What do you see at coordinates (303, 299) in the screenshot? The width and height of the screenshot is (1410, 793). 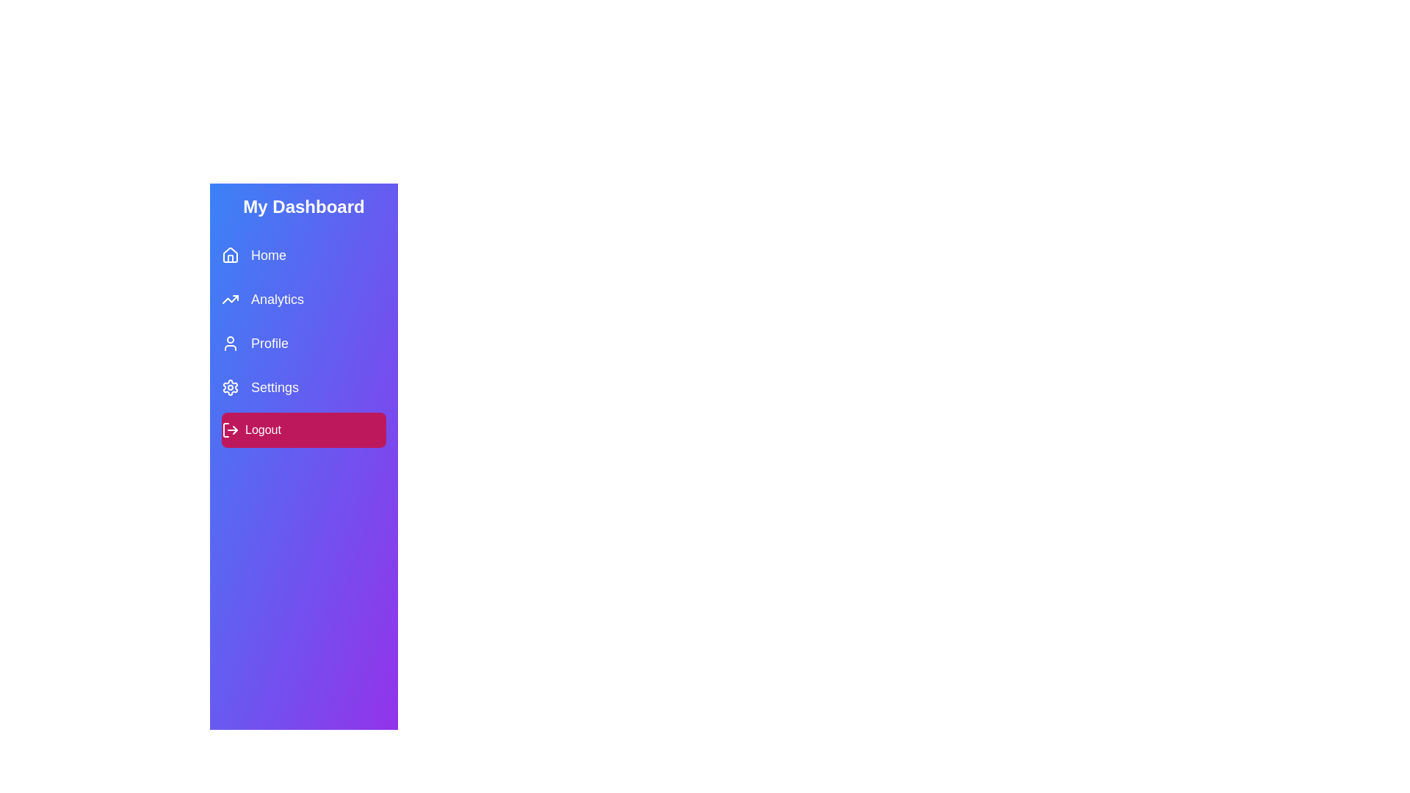 I see `the 'Analytics' button located in the sidebar menu, which is the second item below 'Home' and above 'Profile'` at bounding box center [303, 299].